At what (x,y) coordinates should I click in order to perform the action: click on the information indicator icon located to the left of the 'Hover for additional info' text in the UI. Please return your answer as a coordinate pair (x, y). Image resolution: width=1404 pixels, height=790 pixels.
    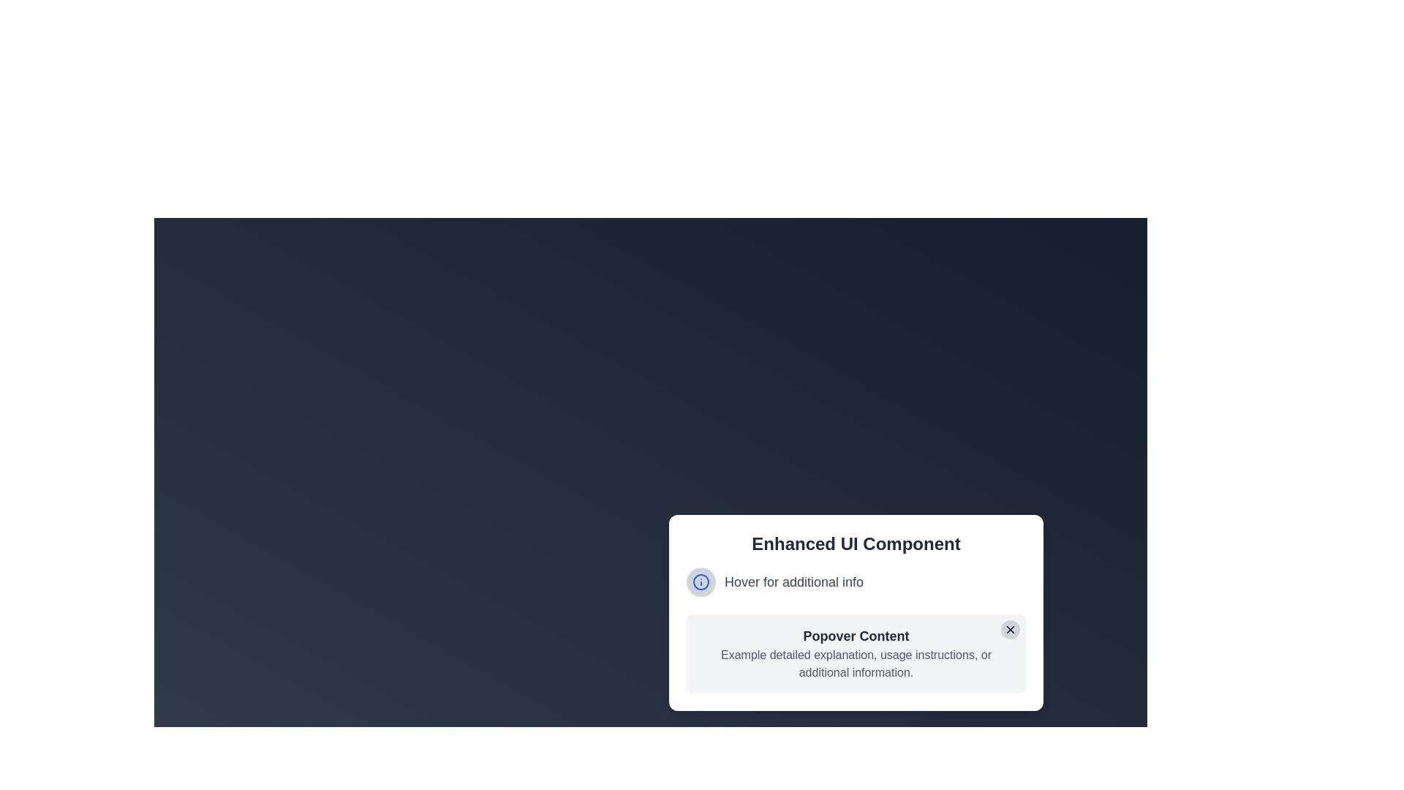
    Looking at the image, I should click on (701, 581).